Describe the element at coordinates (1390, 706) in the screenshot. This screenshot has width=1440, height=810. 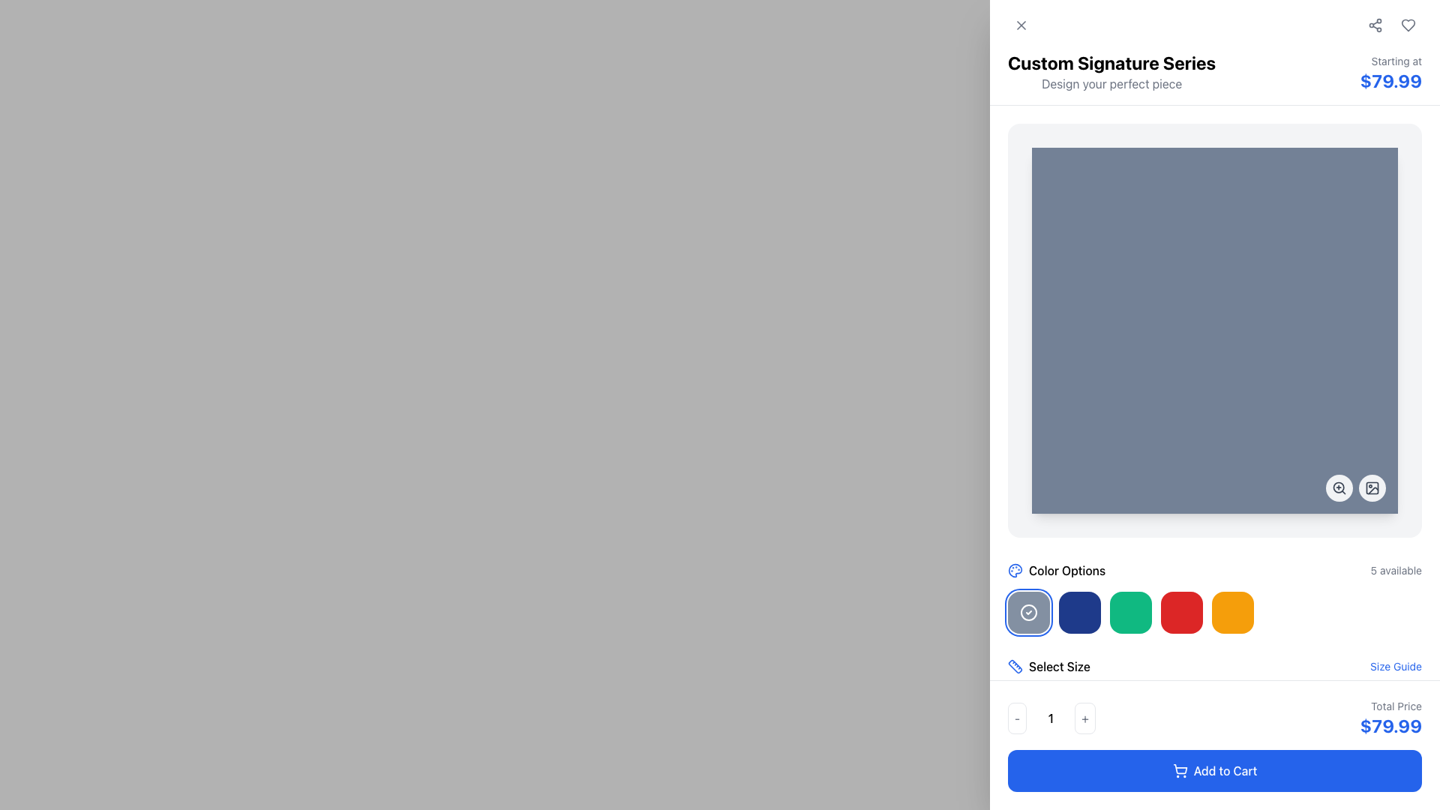
I see `the 'Total Price' text label, which is styled with a small font size and gray color, positioned above the price value '$79.99' in the bottom-right area of a card-like section` at that location.